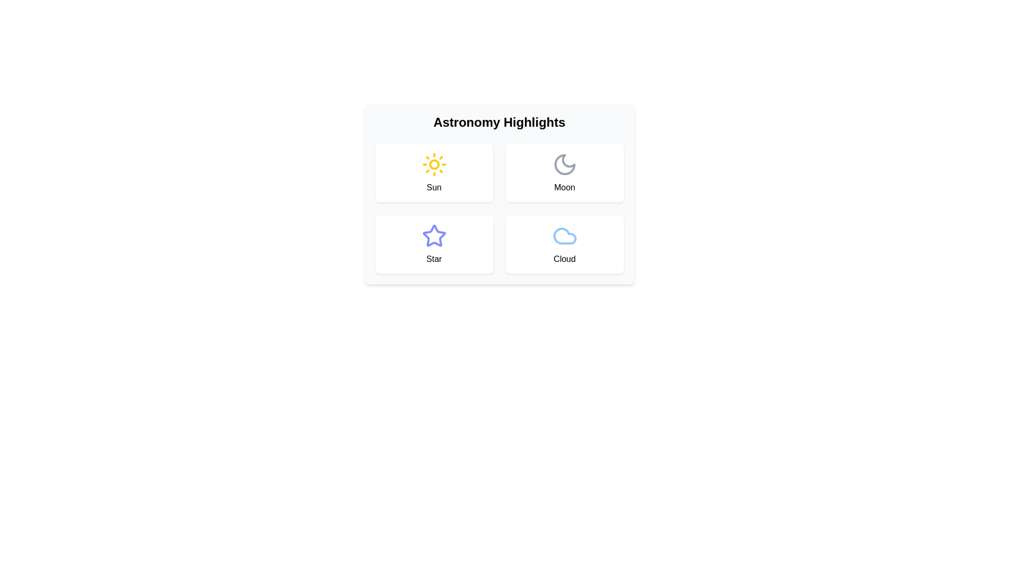 This screenshot has width=1011, height=568. What do you see at coordinates (564, 172) in the screenshot?
I see `the informational card representing 'Moon' in the grid layout, which is the second item in the top row, located to the right of the 'Sun' card and above the 'Cloud' card` at bounding box center [564, 172].